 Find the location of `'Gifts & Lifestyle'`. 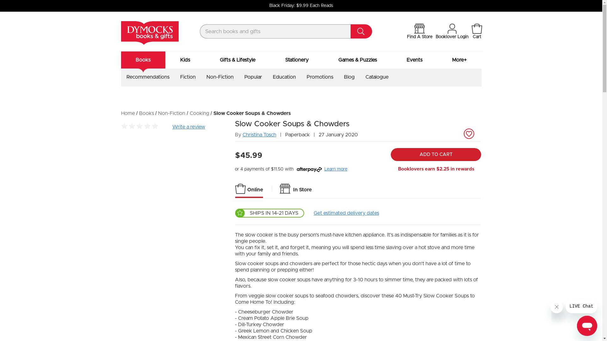

'Gifts & Lifestyle' is located at coordinates (237, 60).